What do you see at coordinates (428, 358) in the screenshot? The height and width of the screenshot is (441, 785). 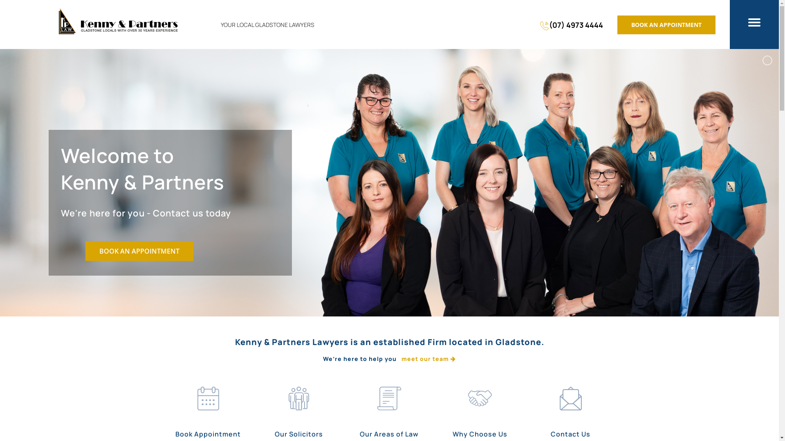 I see `'meet our team'` at bounding box center [428, 358].